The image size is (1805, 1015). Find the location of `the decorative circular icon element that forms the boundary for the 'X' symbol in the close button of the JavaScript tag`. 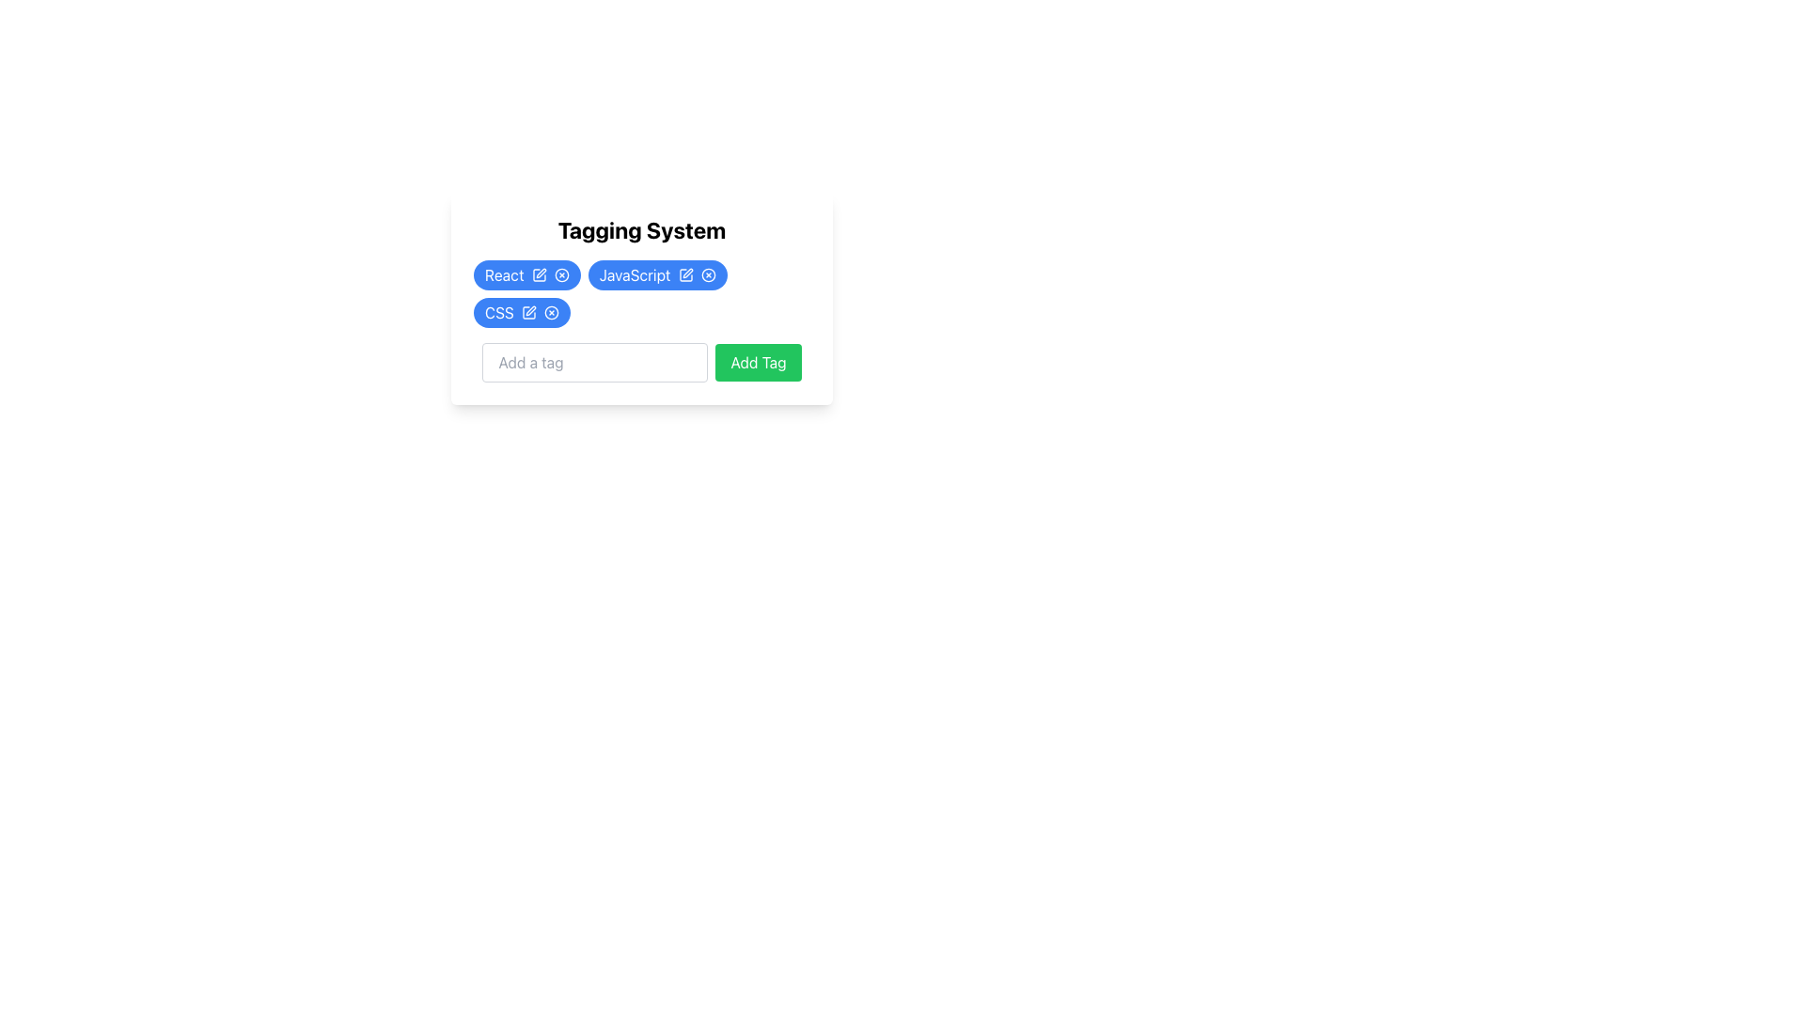

the decorative circular icon element that forms the boundary for the 'X' symbol in the close button of the JavaScript tag is located at coordinates (707, 275).